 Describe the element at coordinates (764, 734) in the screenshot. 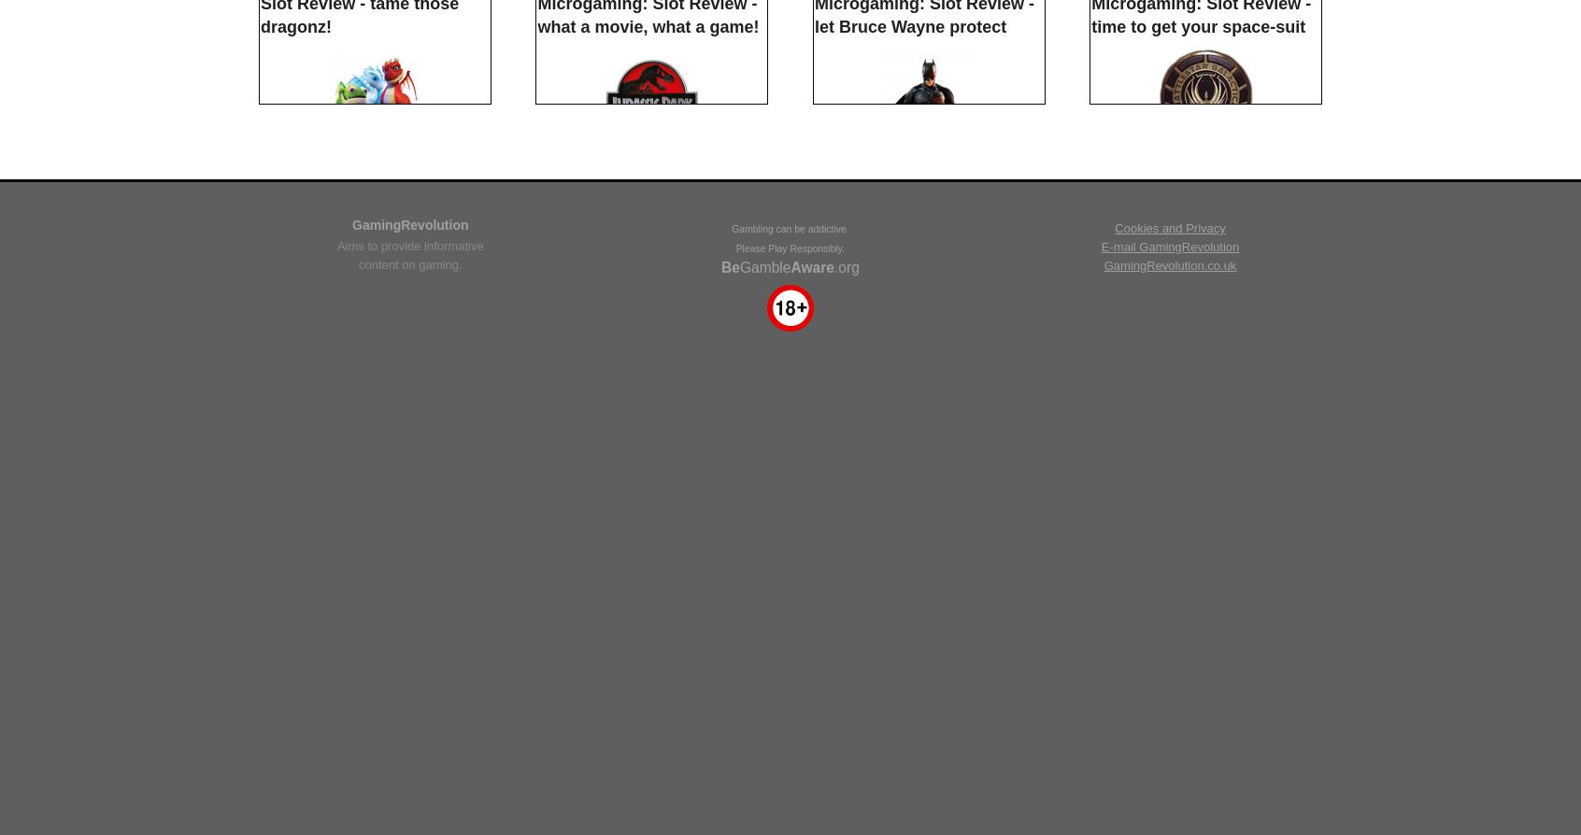

I see `'Gamble'` at that location.